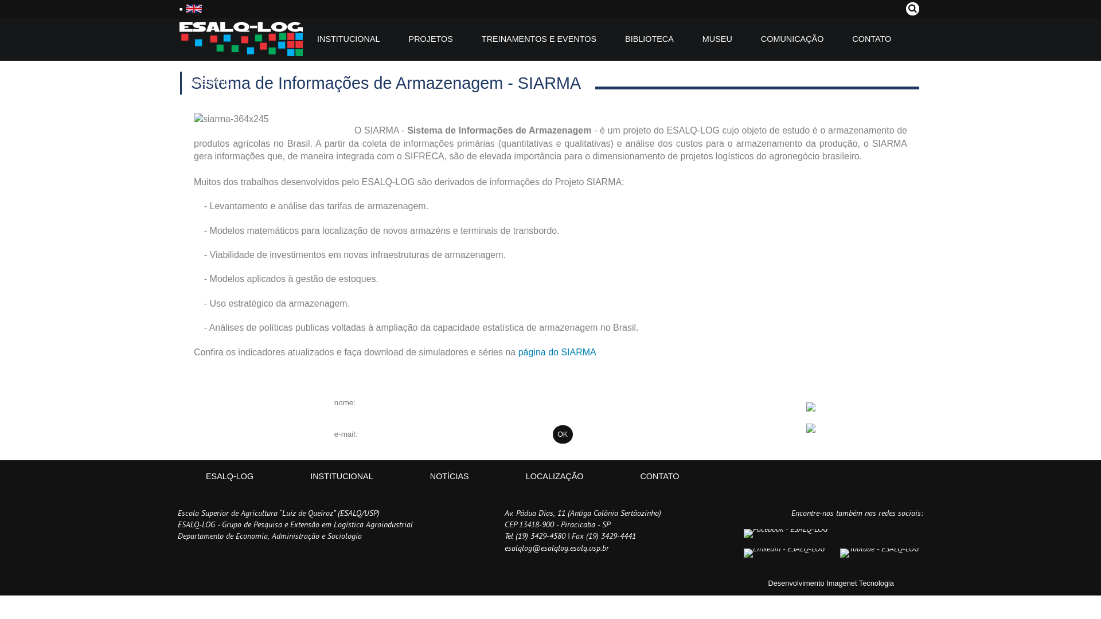  I want to click on 'Youtube - ESALQ-LOG', so click(840, 552).